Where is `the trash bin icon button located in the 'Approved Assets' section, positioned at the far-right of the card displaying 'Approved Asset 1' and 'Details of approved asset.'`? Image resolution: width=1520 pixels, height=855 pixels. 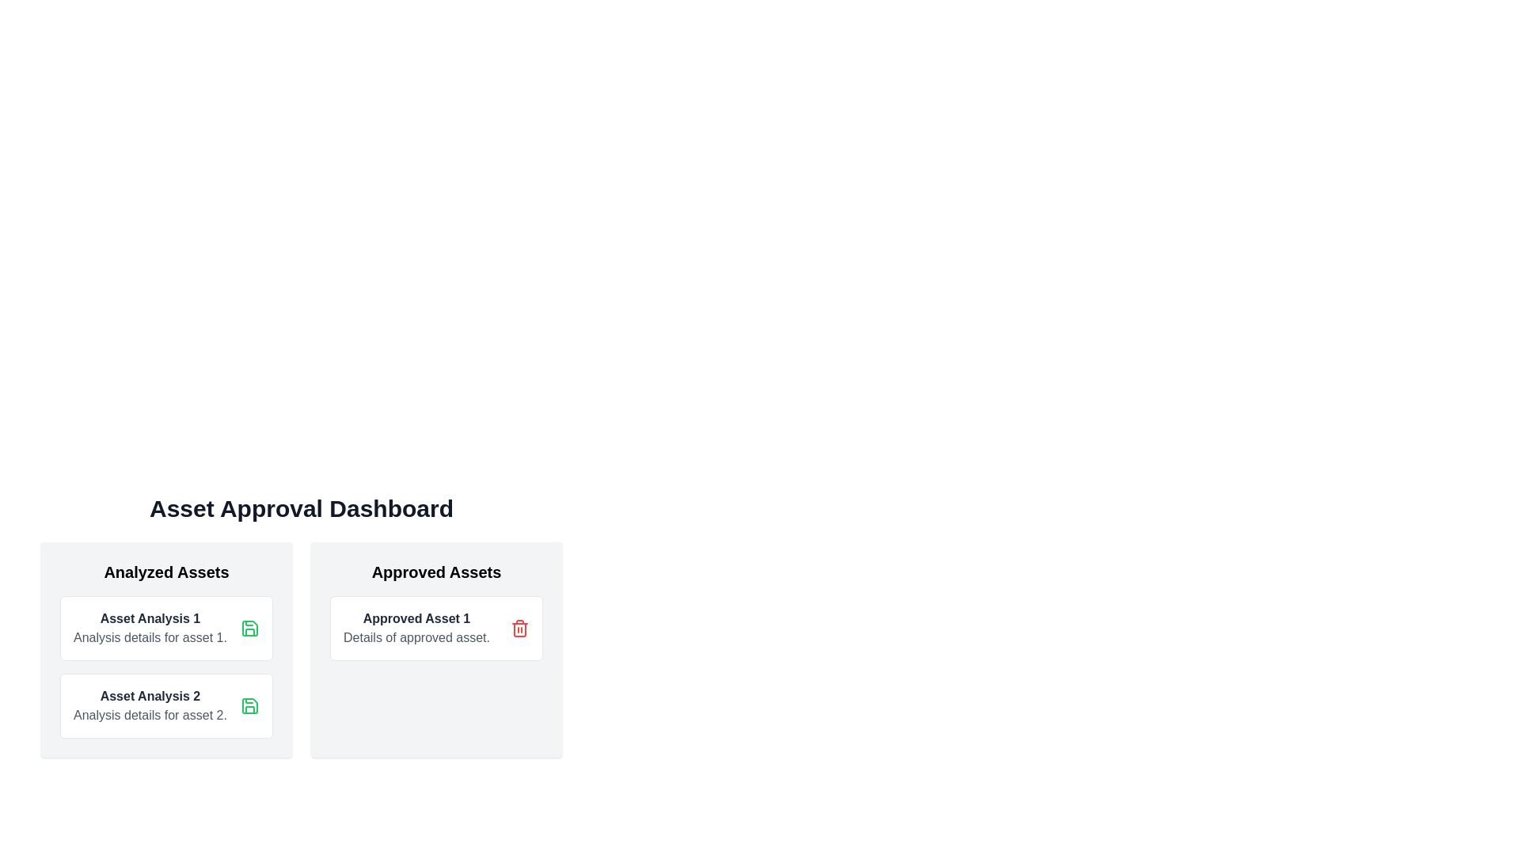 the trash bin icon button located in the 'Approved Assets' section, positioned at the far-right of the card displaying 'Approved Asset 1' and 'Details of approved asset.' is located at coordinates (520, 628).